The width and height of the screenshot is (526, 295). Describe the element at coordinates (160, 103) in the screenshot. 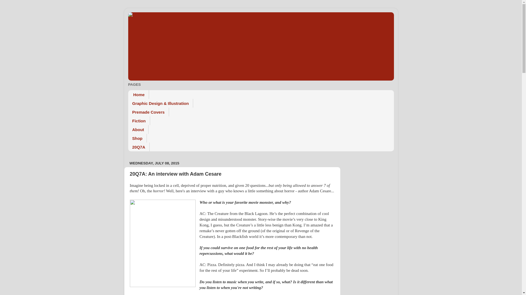

I see `'Graphic Design & Illustration'` at that location.